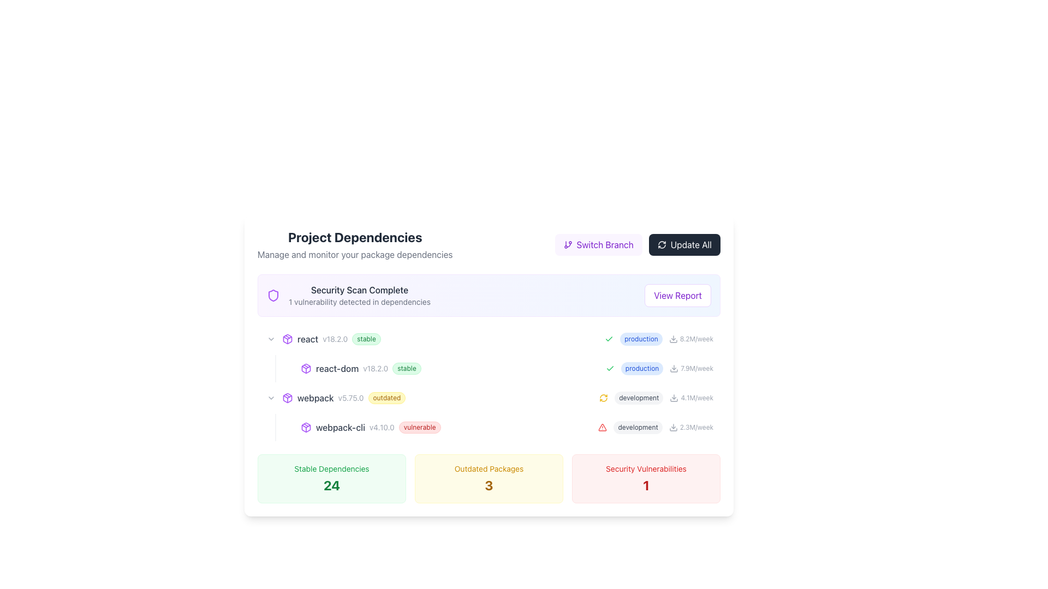 This screenshot has height=589, width=1048. I want to click on the list item entry for the 'react-dom' package in the dependency overview interface, which is positioned between the 'react' and 'webpack' entries, so click(497, 368).